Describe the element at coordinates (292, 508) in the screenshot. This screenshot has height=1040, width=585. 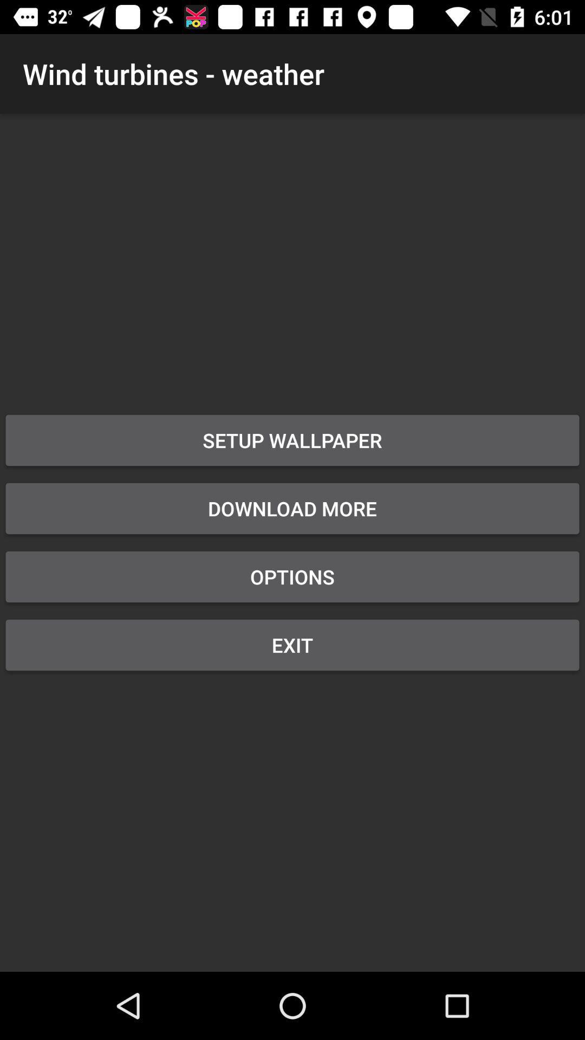
I see `button below the setup wallpaper button` at that location.